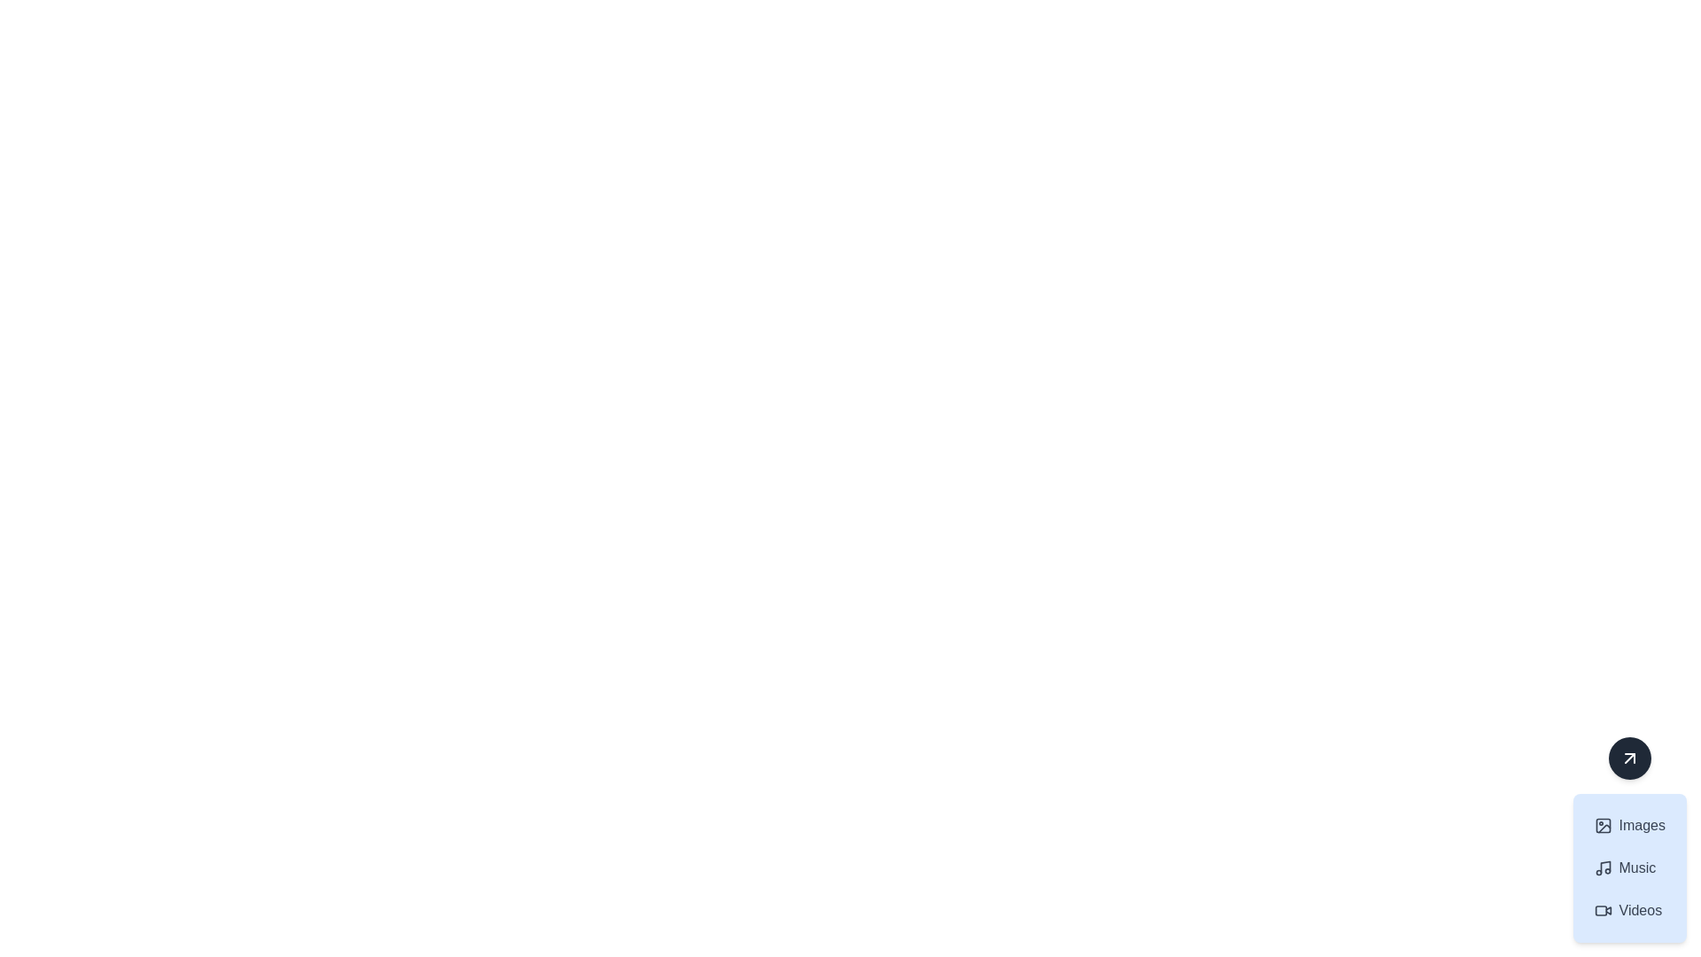  Describe the element at coordinates (1605, 866) in the screenshot. I see `the central vertical element of the music note icon, which serves as a decorative representation, indicating an audio or music-related action` at that location.